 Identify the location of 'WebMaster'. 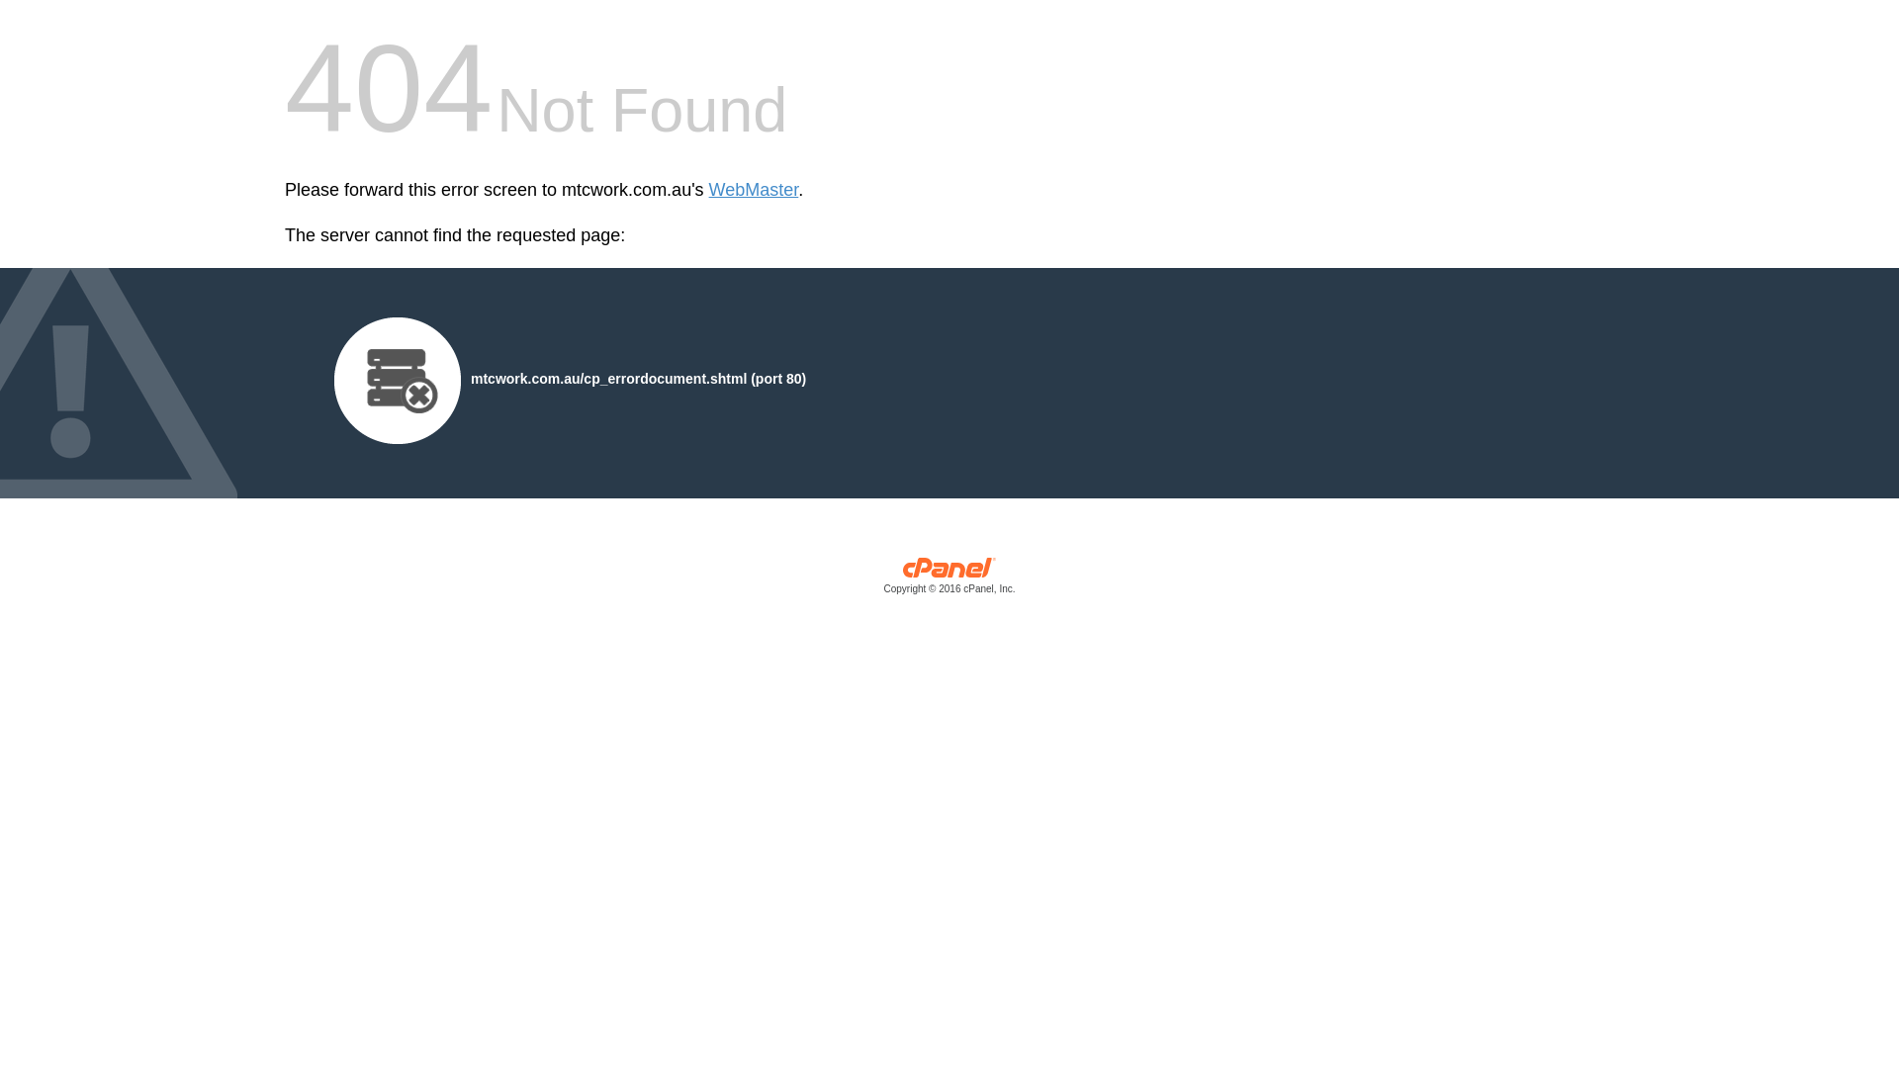
(753, 190).